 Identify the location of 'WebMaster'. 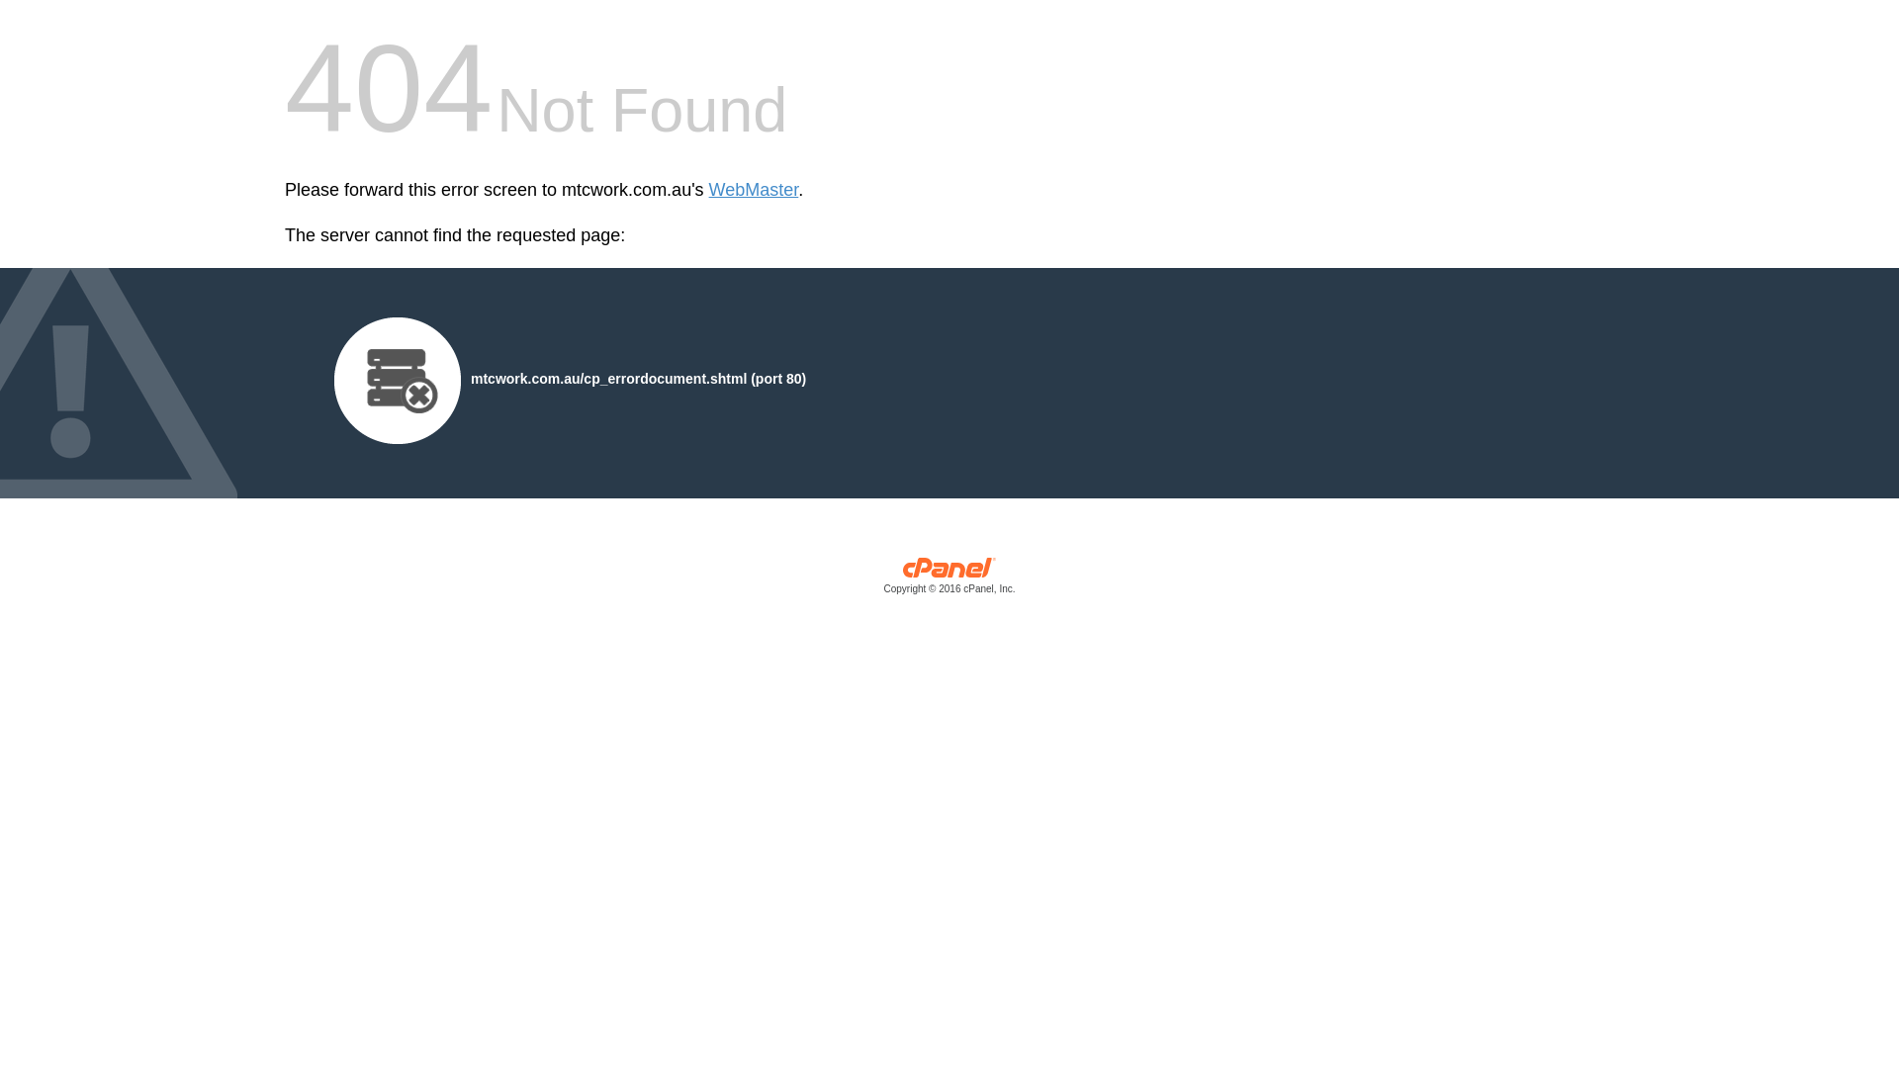
(753, 190).